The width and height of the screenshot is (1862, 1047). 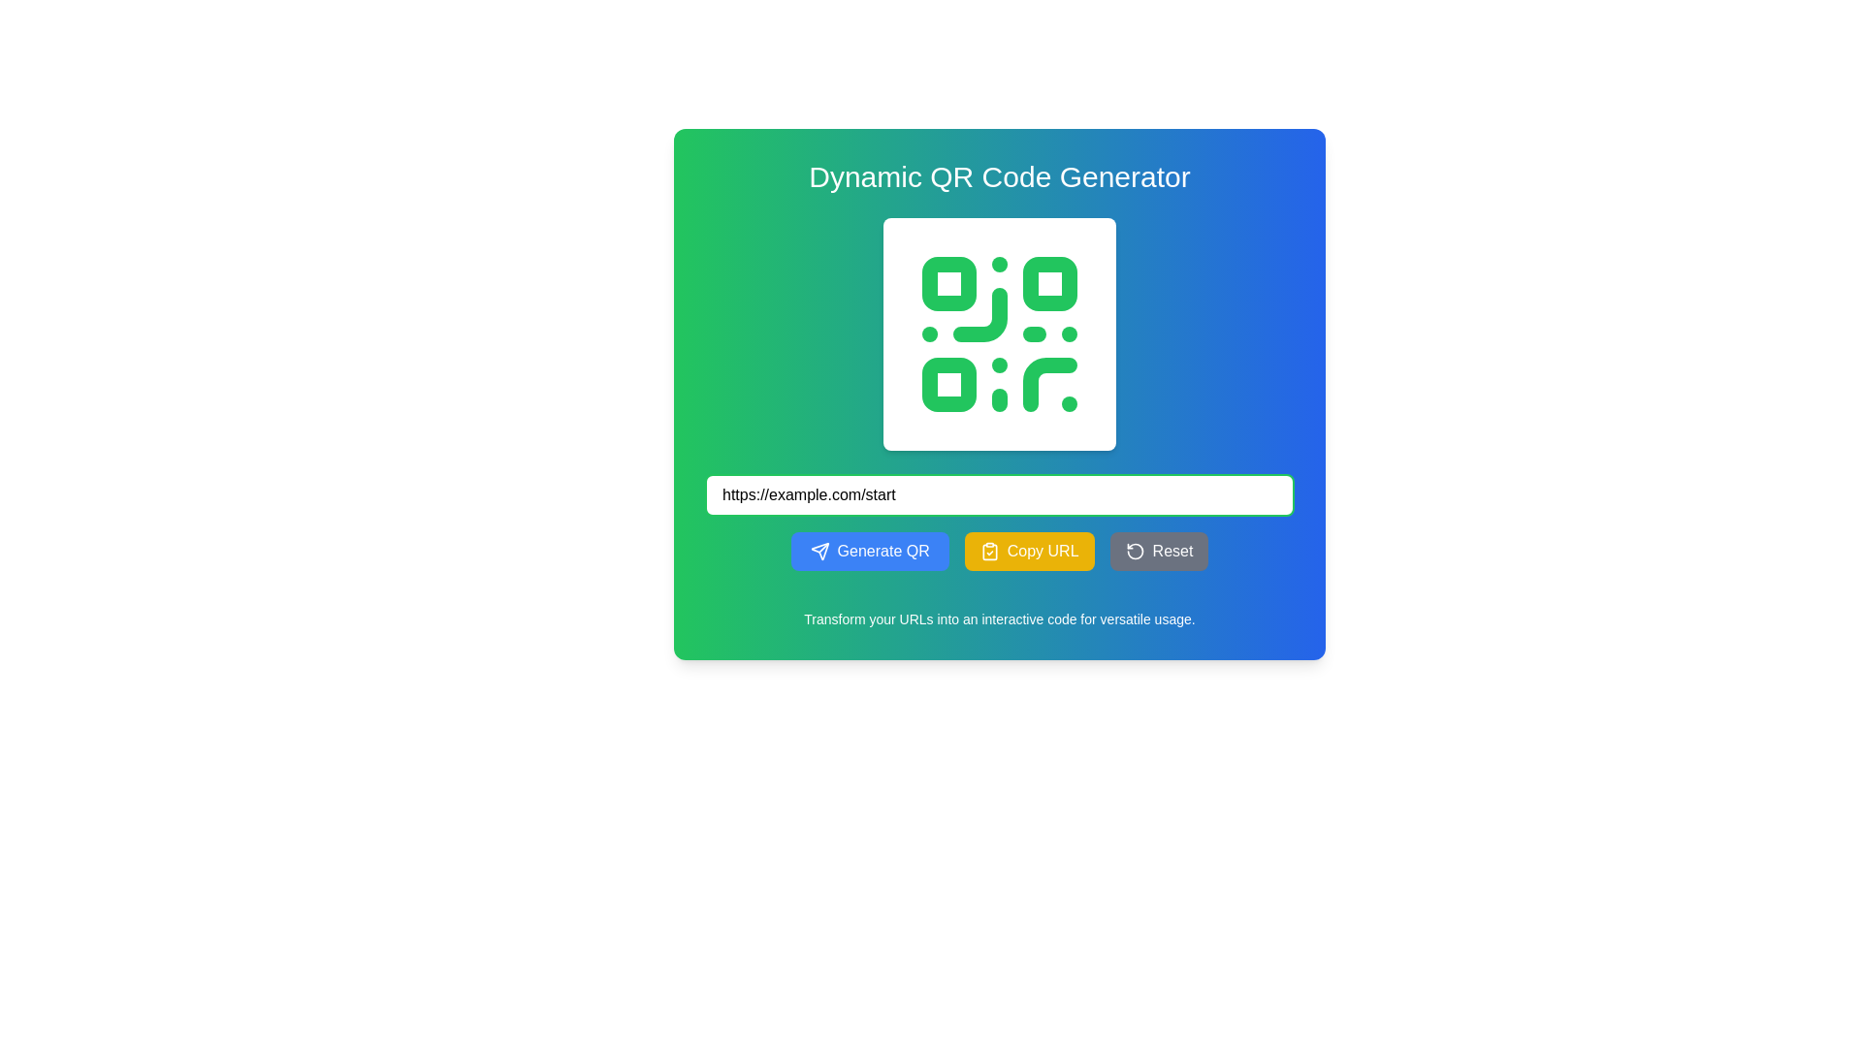 What do you see at coordinates (1135, 552) in the screenshot?
I see `the primary circular portion of the counterclockwise rotation icon, which is located near the top-right corner of the interface, adjacent to the 'Reset' button, as it is likely interactive` at bounding box center [1135, 552].